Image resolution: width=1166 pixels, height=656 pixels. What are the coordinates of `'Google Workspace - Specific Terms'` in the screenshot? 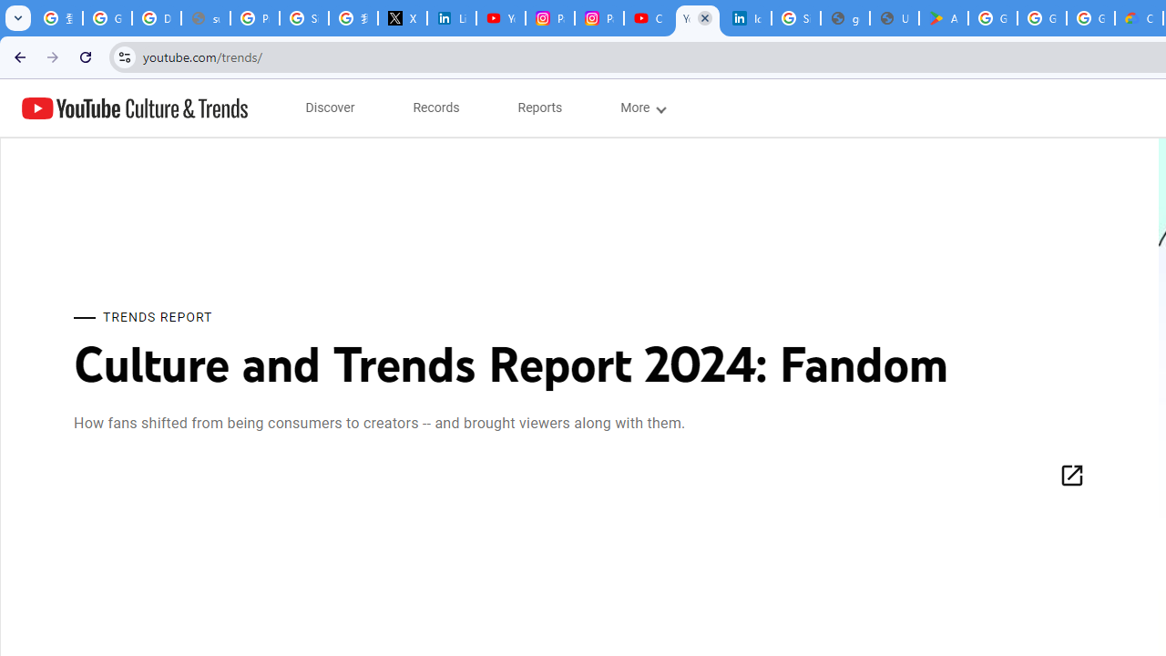 It's located at (1042, 18).